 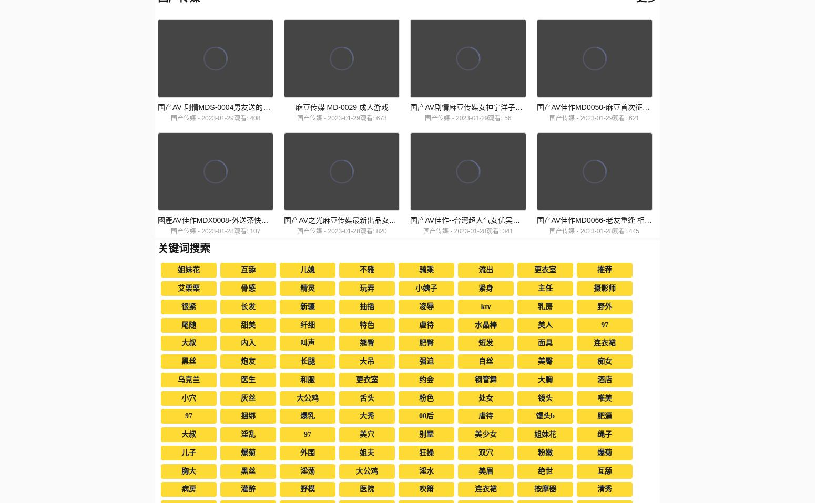 What do you see at coordinates (628, 219) in the screenshot?
I see `'国产AV佳作MD0066-老友重逢 相干恨晚 淫声浪叫一整晚'` at bounding box center [628, 219].